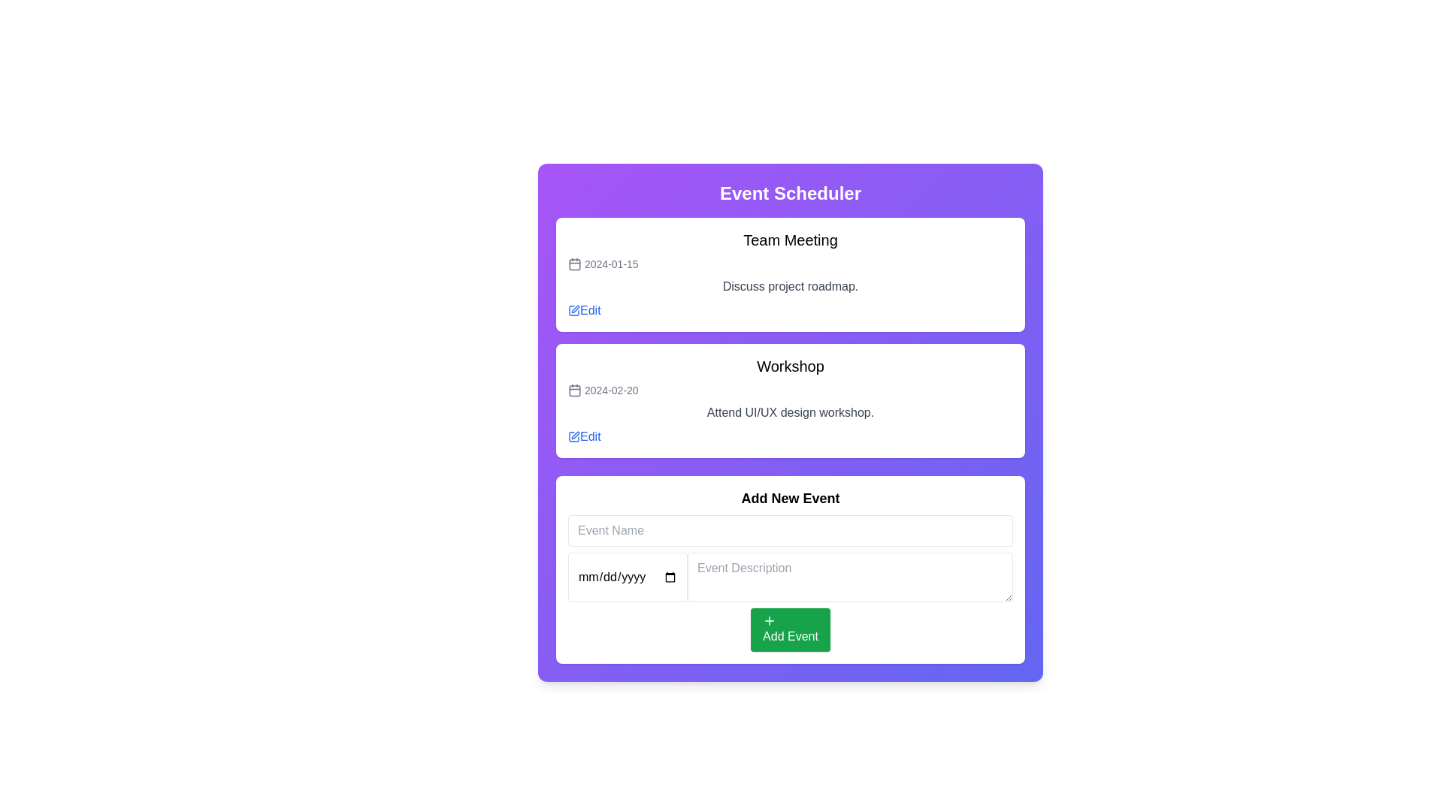  What do you see at coordinates (789, 286) in the screenshot?
I see `the text element that says 'Discuss project roadmap.' located in the 'Team Meeting' section, specifically in the second row of text, below the date and above the 'Edit' link` at bounding box center [789, 286].